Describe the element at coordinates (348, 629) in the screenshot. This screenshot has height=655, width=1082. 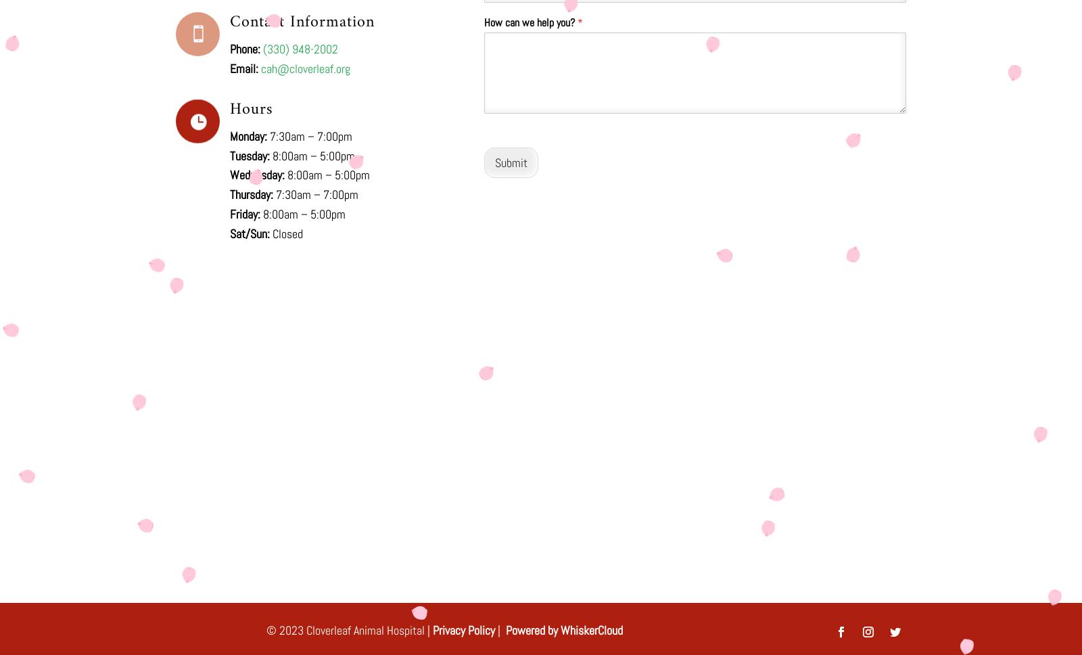
I see `'© 2023 Cloverleaf Animal Hospital |'` at that location.